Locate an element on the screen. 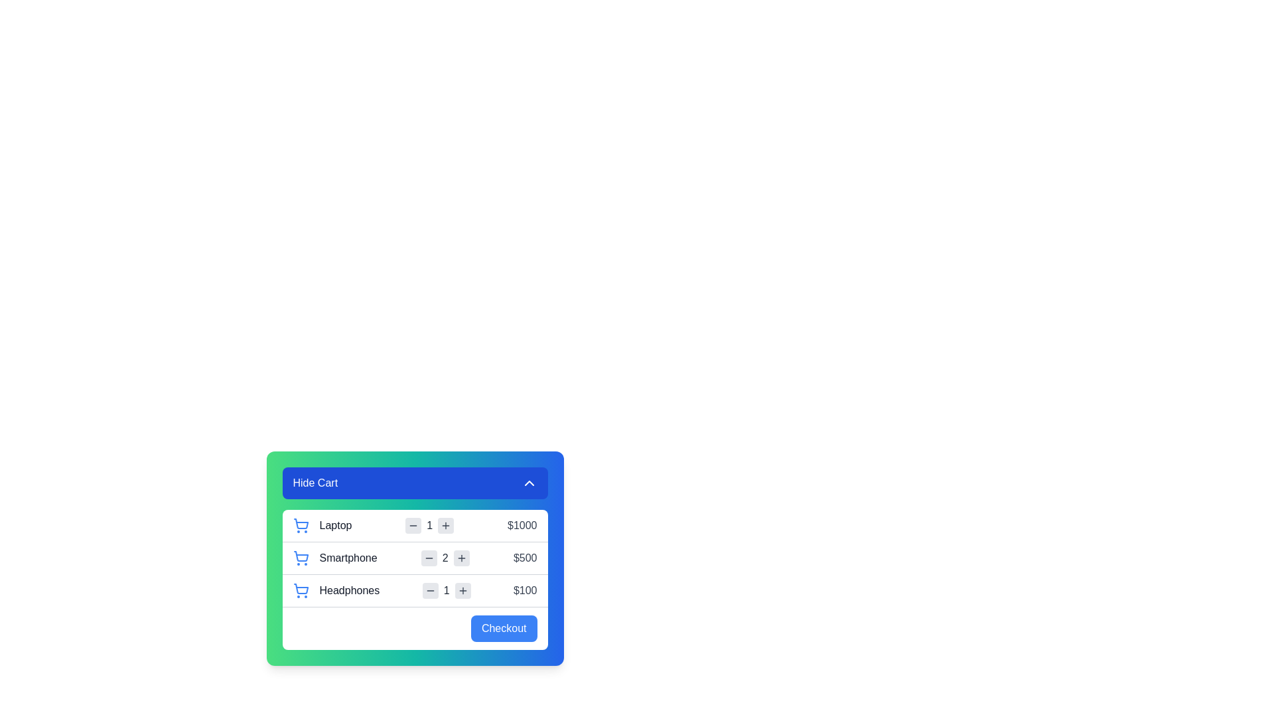 The image size is (1274, 717). the decrement button, which is a small, square button with a light gray background and a minus sign, located to the left of the numeric label '1' and to the right of the label 'Laptop' is located at coordinates (413, 524).